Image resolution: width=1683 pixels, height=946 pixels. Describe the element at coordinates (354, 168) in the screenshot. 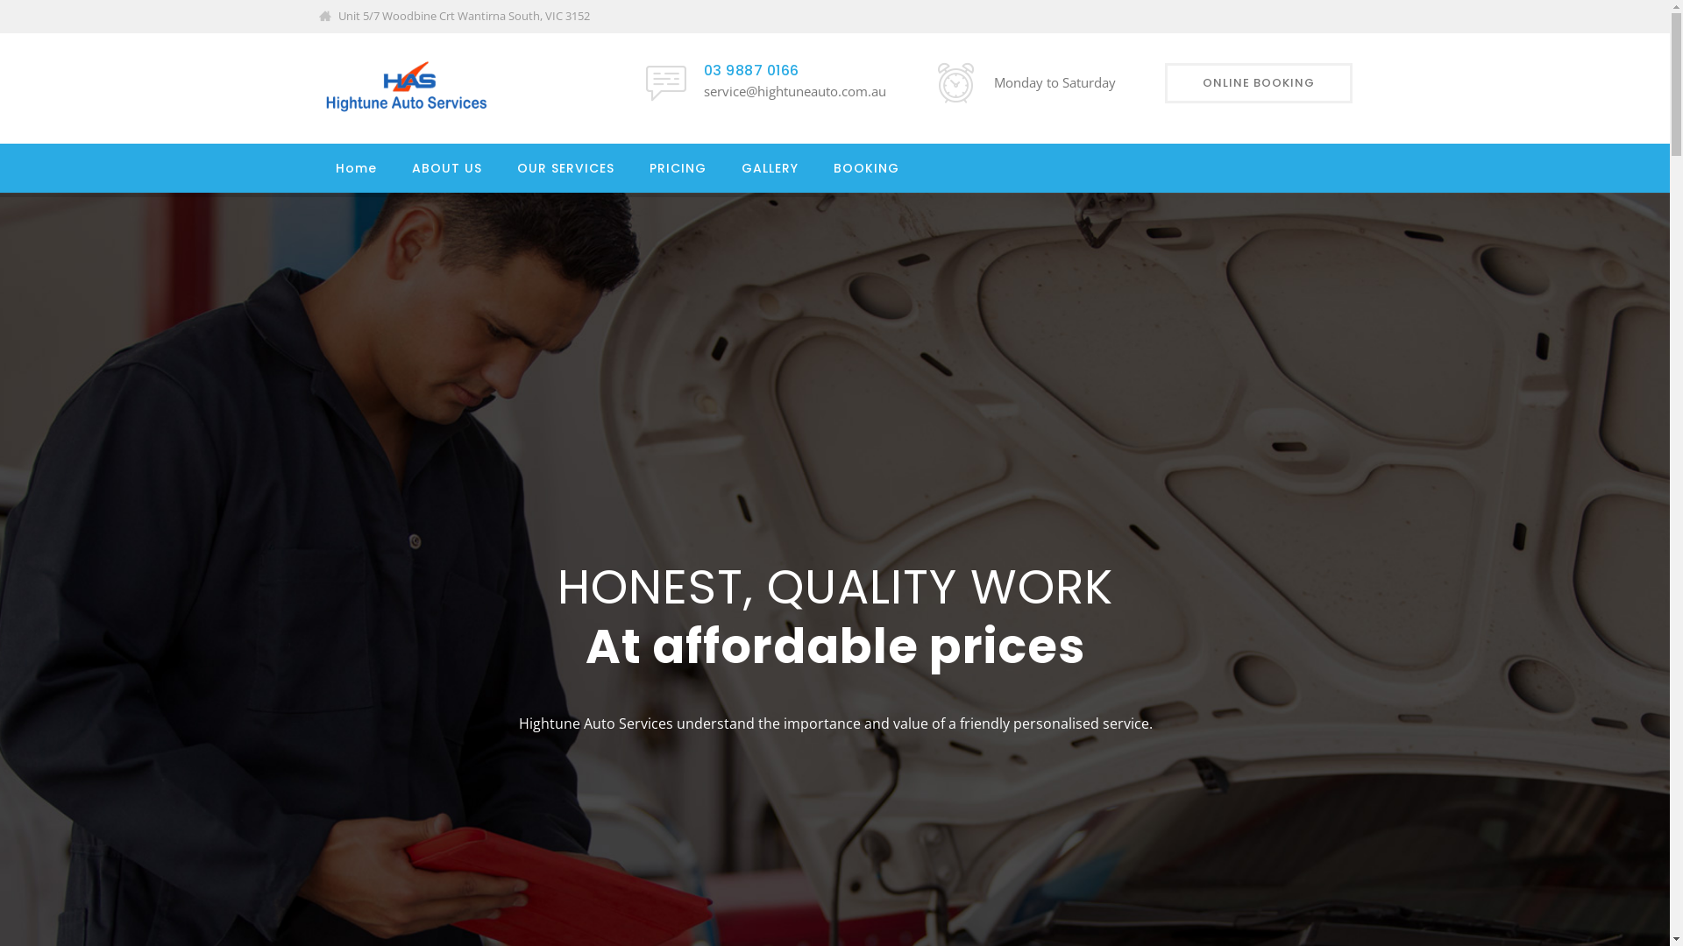

I see `'Home'` at that location.